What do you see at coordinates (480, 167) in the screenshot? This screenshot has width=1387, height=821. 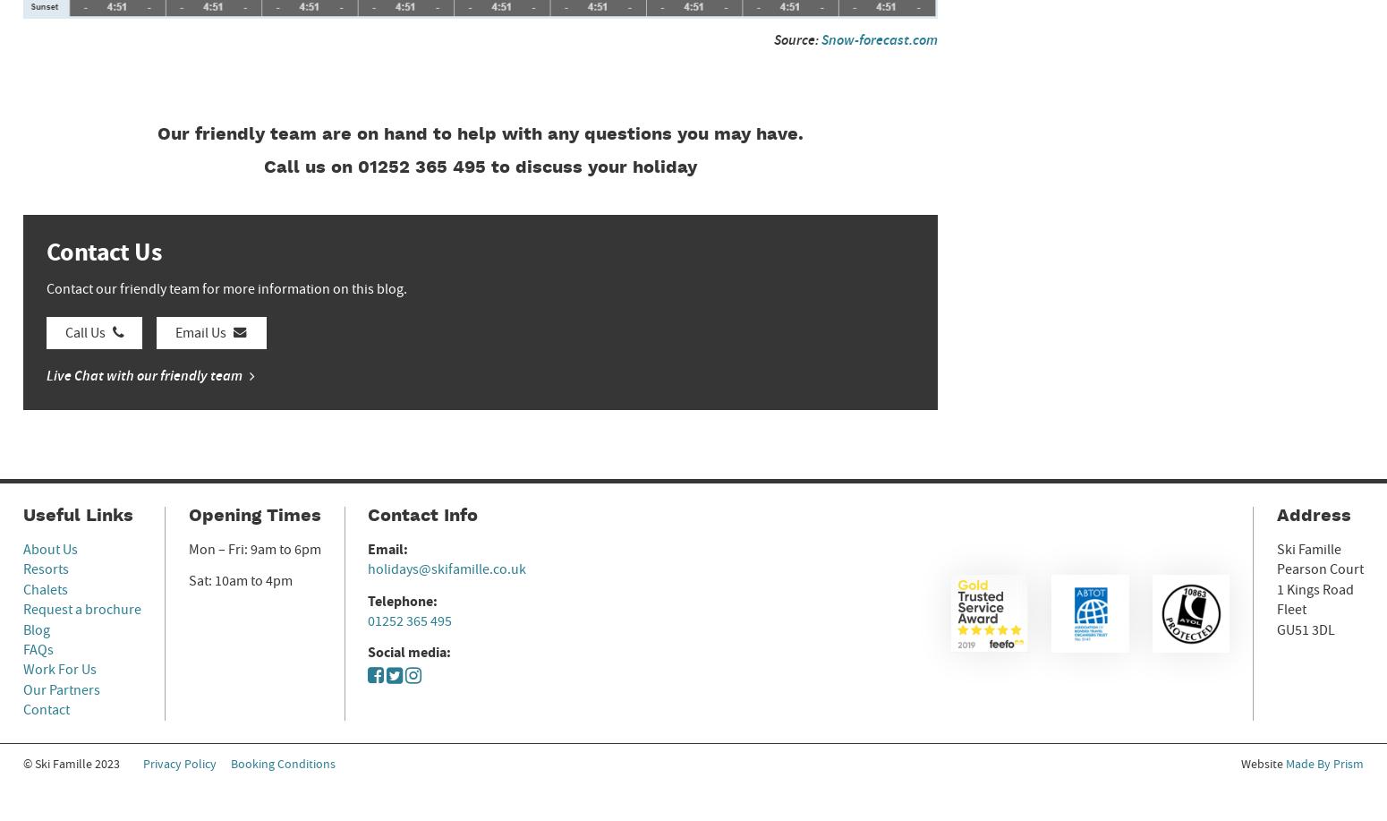 I see `'Call us on 01252 365 495 to discuss your holiday'` at bounding box center [480, 167].